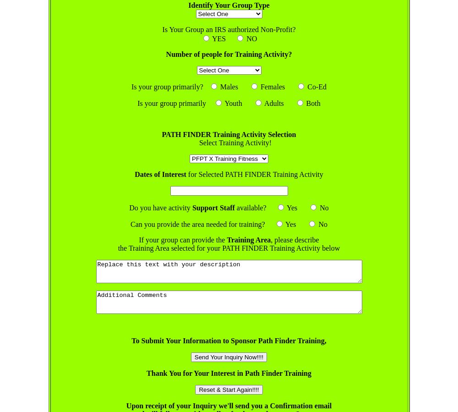 The width and height of the screenshot is (458, 412). I want to click on 'Number of people for Training Activity?', so click(165, 54).